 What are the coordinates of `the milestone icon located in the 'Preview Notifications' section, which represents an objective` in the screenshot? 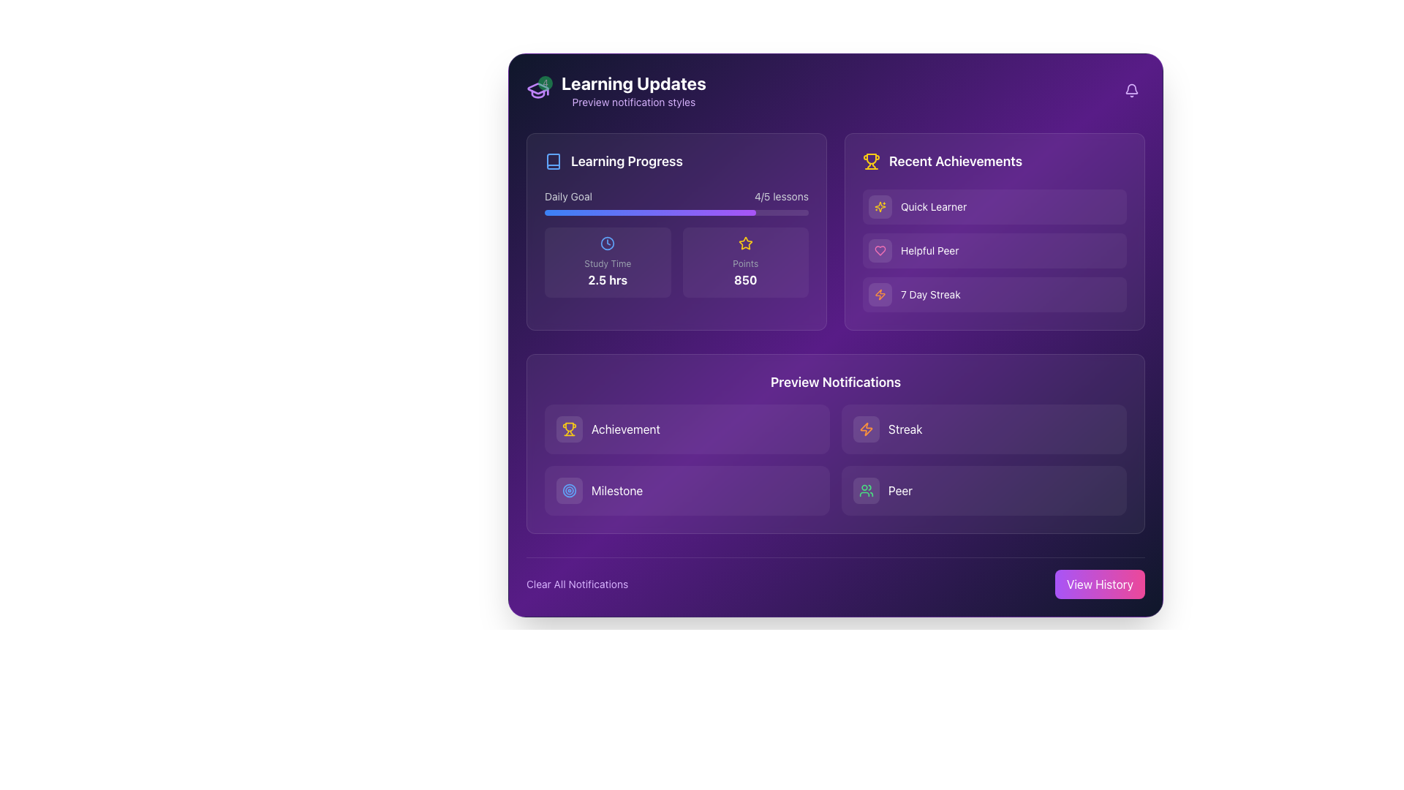 It's located at (568, 491).